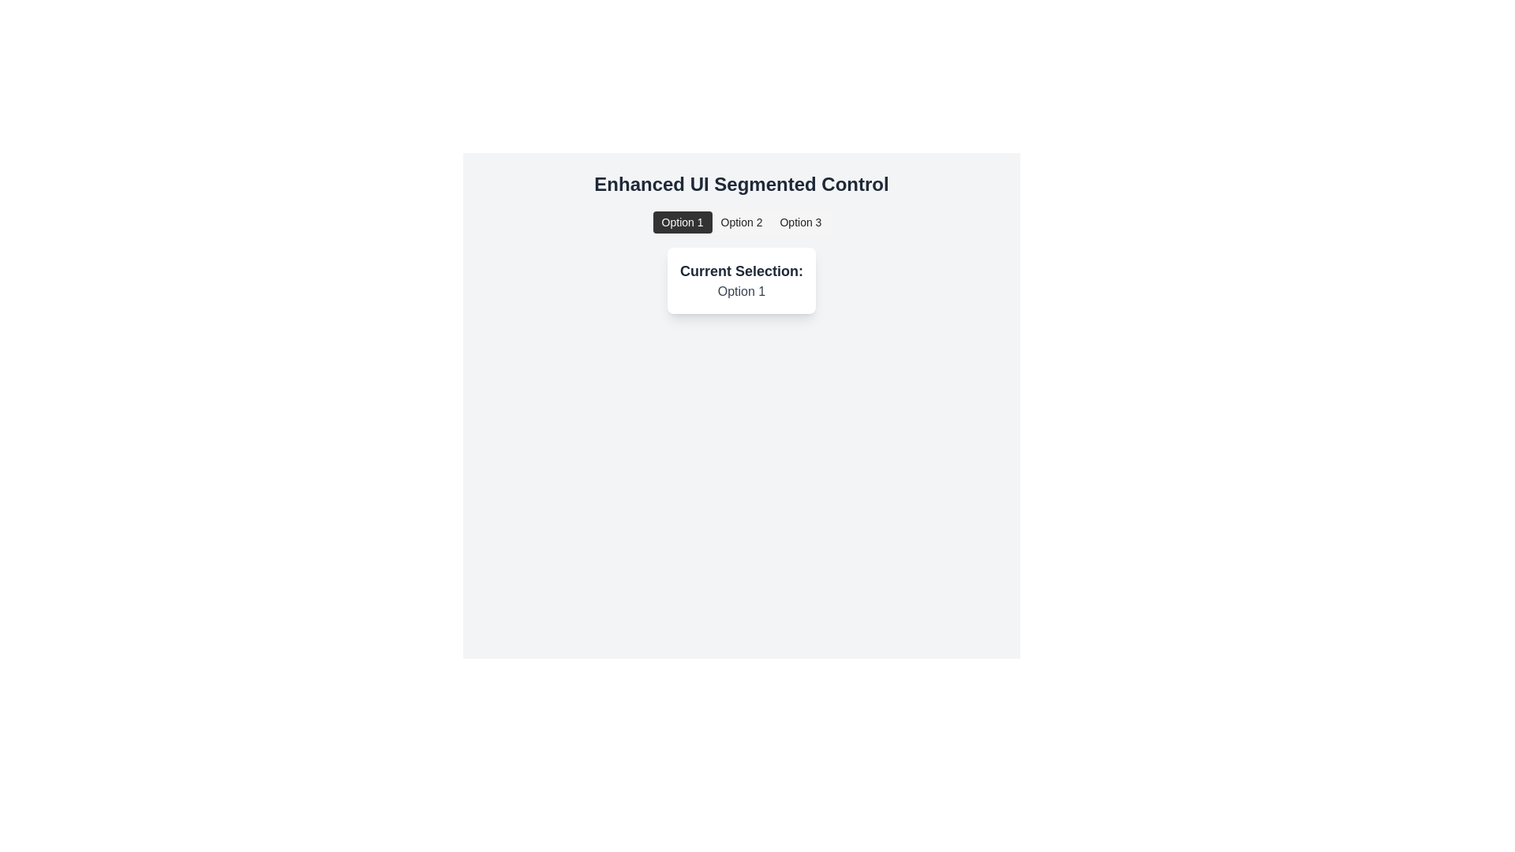 Image resolution: width=1515 pixels, height=852 pixels. I want to click on the radio button representing 'Option 2' in the segmented control group, so click(741, 222).